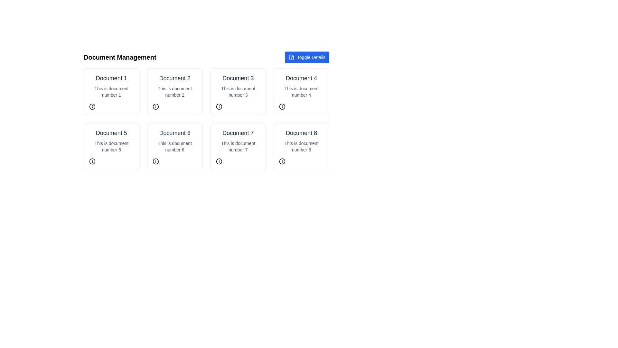  I want to click on the information icon located at the bottom center of the 'Document 2' tile, which has a circular shape with an 'i' inside it, so click(155, 106).